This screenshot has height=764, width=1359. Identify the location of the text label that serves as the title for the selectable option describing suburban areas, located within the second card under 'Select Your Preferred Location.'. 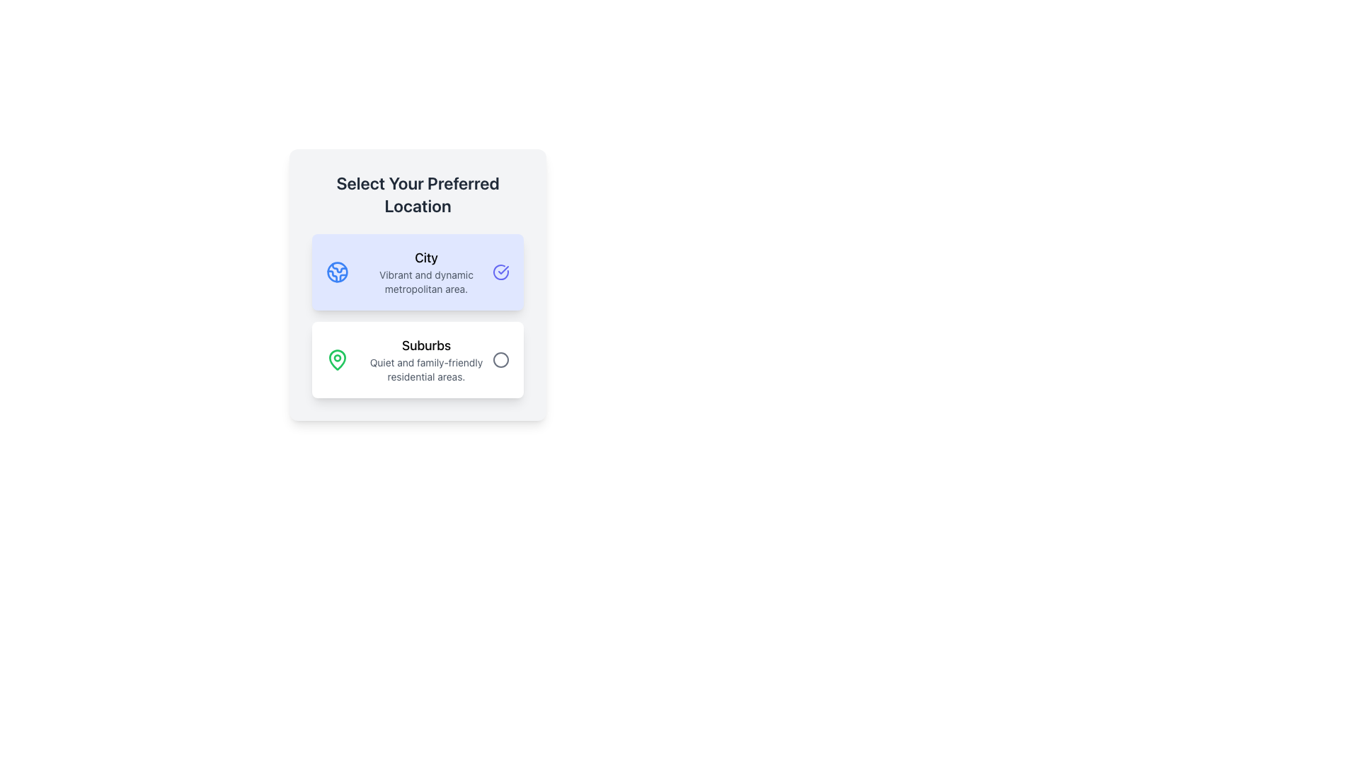
(425, 346).